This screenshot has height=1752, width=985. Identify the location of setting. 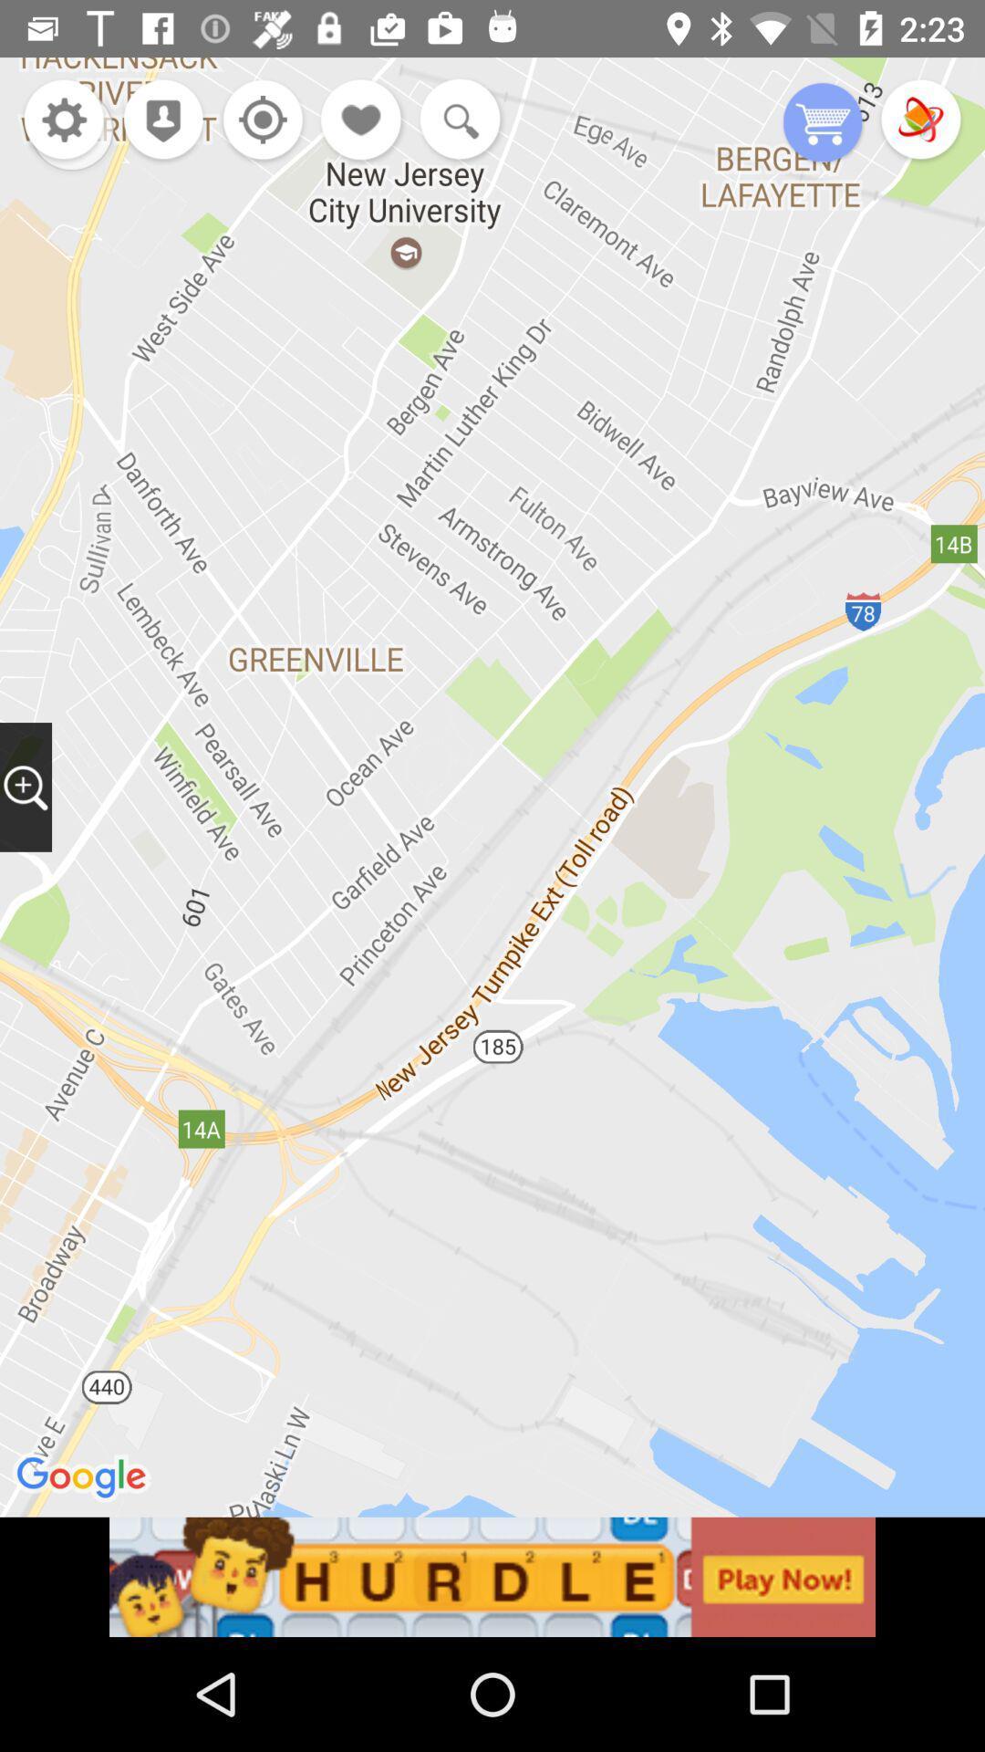
(63, 120).